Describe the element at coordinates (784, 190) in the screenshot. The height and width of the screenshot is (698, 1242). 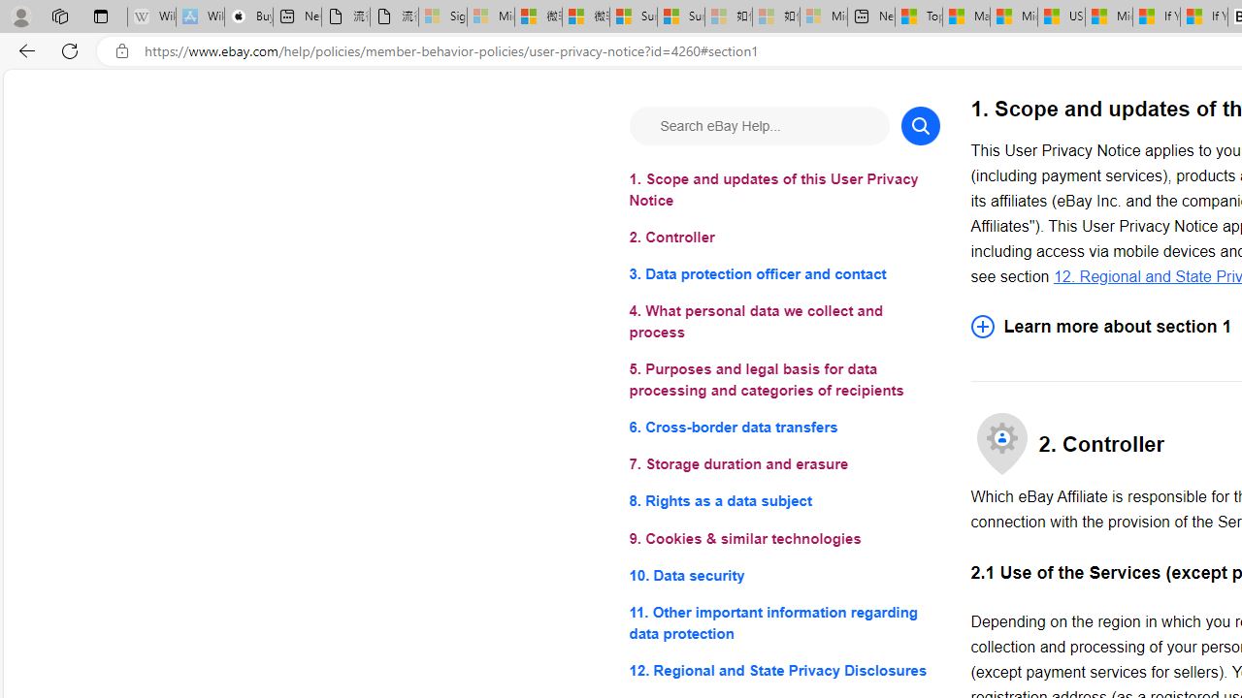
I see `'1. Scope and updates of this User Privacy Notice'` at that location.